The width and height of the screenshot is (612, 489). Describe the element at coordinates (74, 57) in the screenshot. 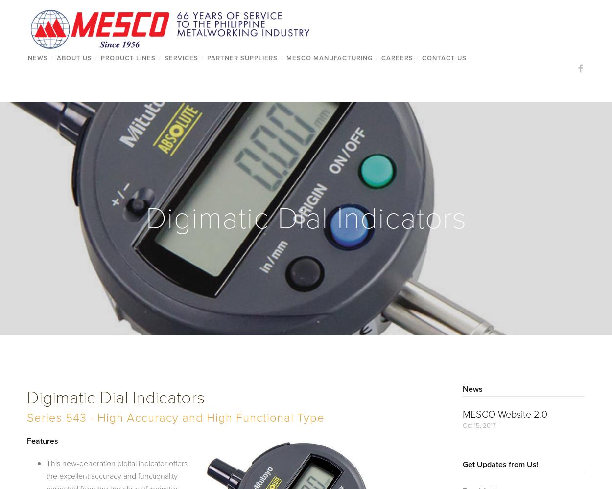

I see `'About Us'` at that location.